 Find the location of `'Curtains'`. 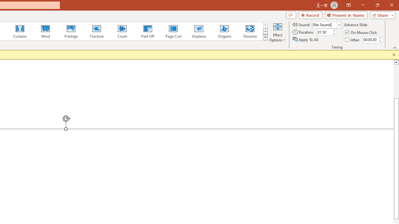

'Curtains' is located at coordinates (20, 31).